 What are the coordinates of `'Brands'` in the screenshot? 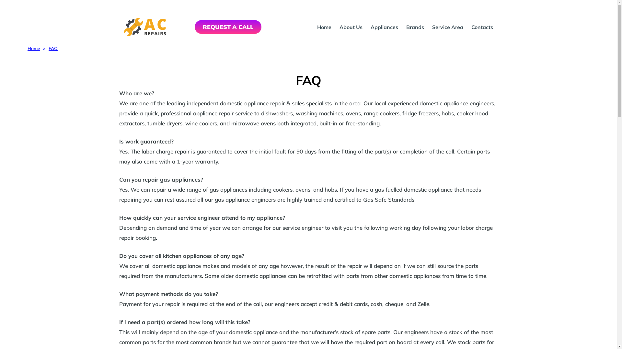 It's located at (415, 27).